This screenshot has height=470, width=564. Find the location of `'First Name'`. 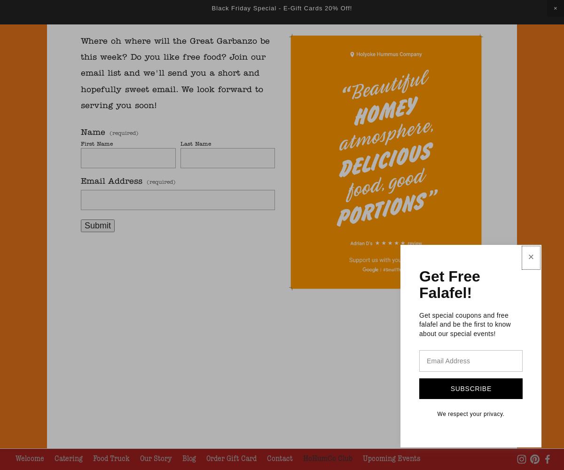

'First Name' is located at coordinates (96, 144).